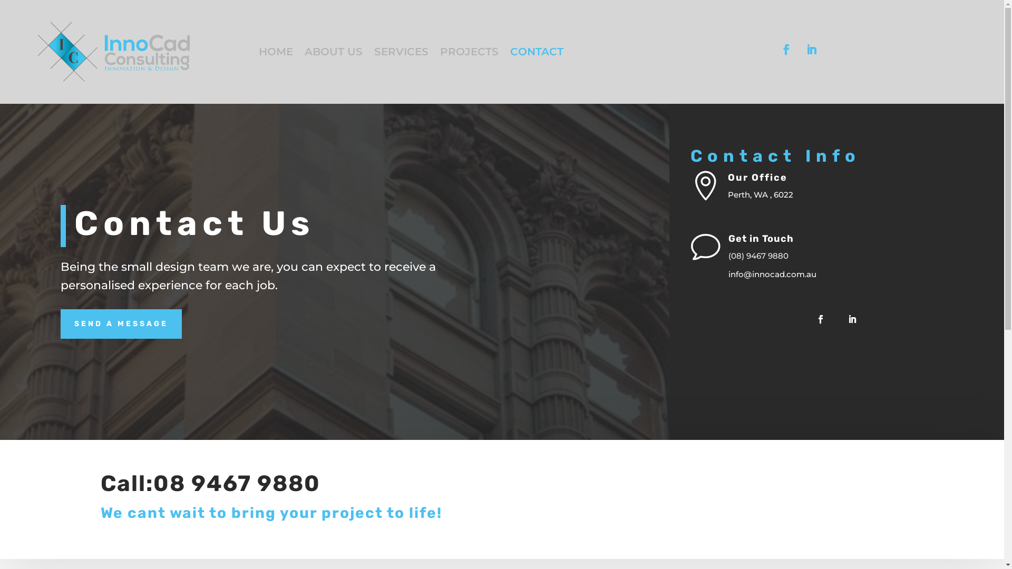  I want to click on 'CONTACT', so click(537, 53).